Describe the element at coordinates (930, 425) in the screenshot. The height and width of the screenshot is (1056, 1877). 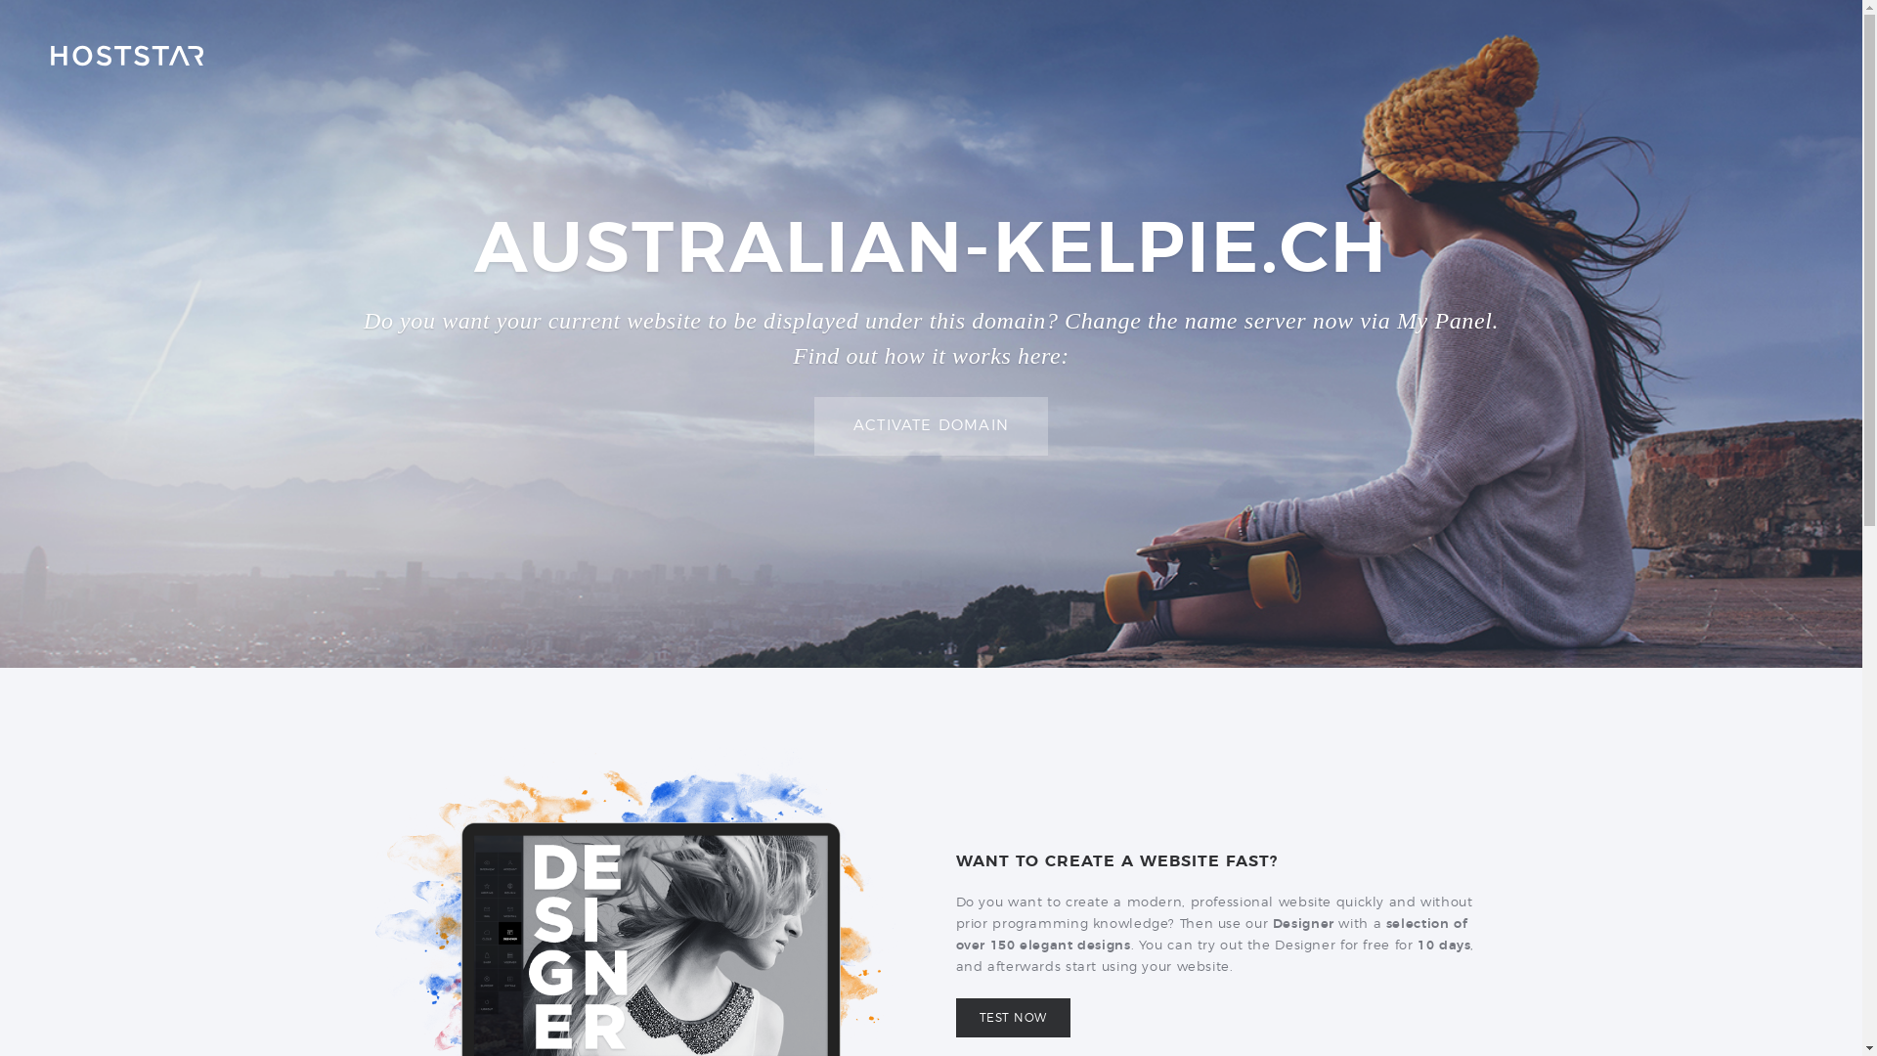
I see `'ACTIVATE DOMAIN'` at that location.